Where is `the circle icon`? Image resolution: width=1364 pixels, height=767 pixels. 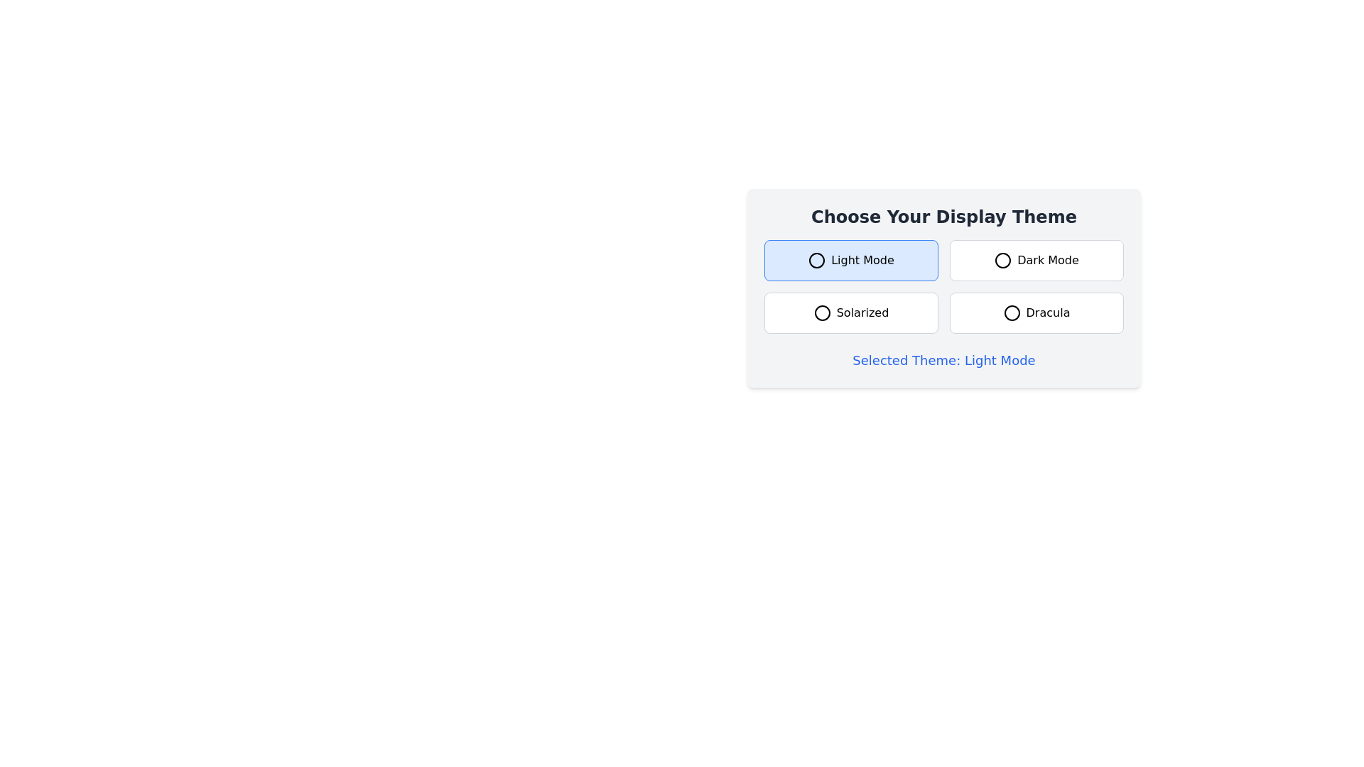 the circle icon is located at coordinates (1011, 312).